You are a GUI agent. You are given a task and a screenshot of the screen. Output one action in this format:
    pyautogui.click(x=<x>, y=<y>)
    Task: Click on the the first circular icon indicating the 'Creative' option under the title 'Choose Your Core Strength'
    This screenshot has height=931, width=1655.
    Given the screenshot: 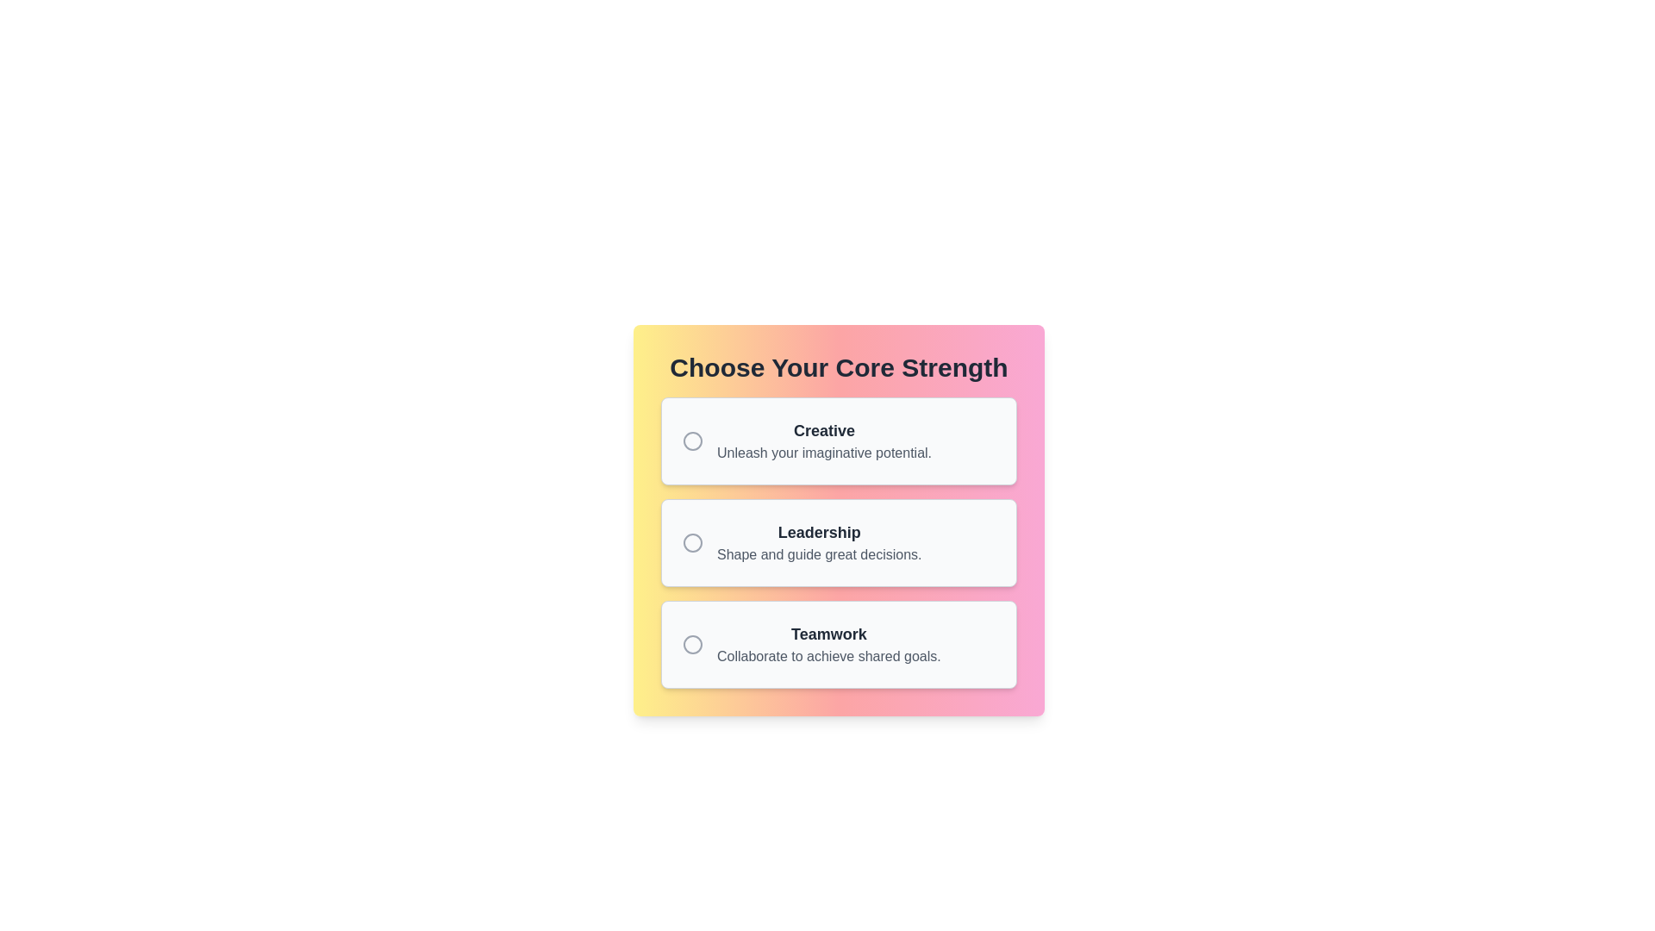 What is the action you would take?
    pyautogui.click(x=693, y=441)
    